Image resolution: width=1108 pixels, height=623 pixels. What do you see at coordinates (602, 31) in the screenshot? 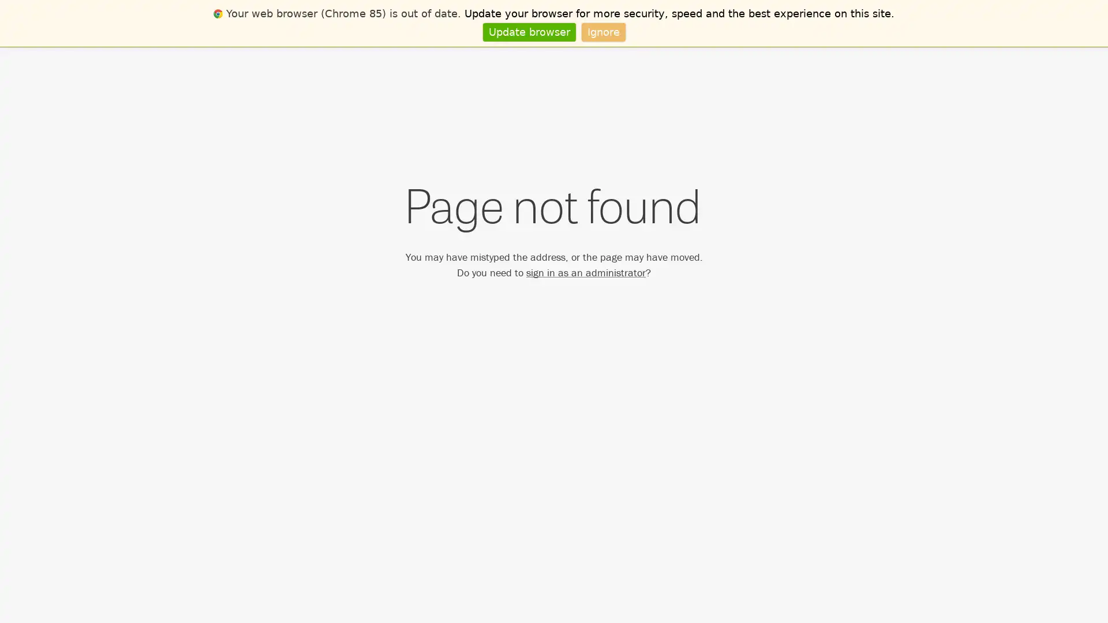
I see `Ignore` at bounding box center [602, 31].